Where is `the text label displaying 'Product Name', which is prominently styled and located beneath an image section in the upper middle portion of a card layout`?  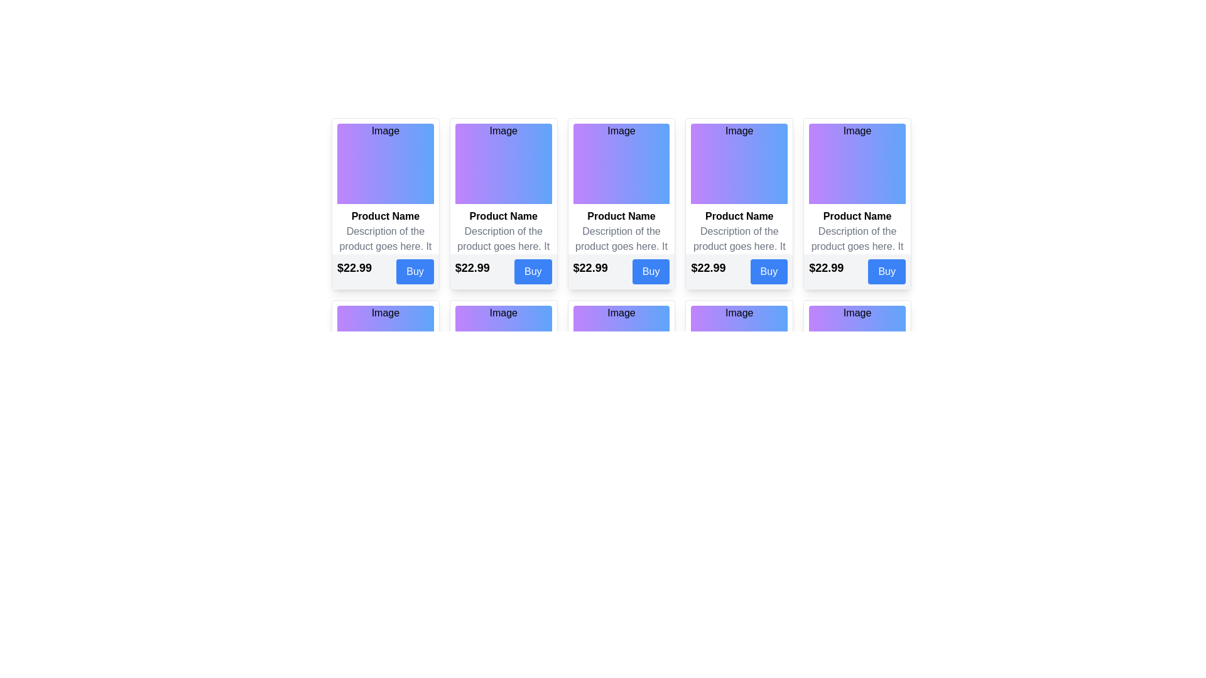
the text label displaying 'Product Name', which is prominently styled and located beneath an image section in the upper middle portion of a card layout is located at coordinates (503, 215).